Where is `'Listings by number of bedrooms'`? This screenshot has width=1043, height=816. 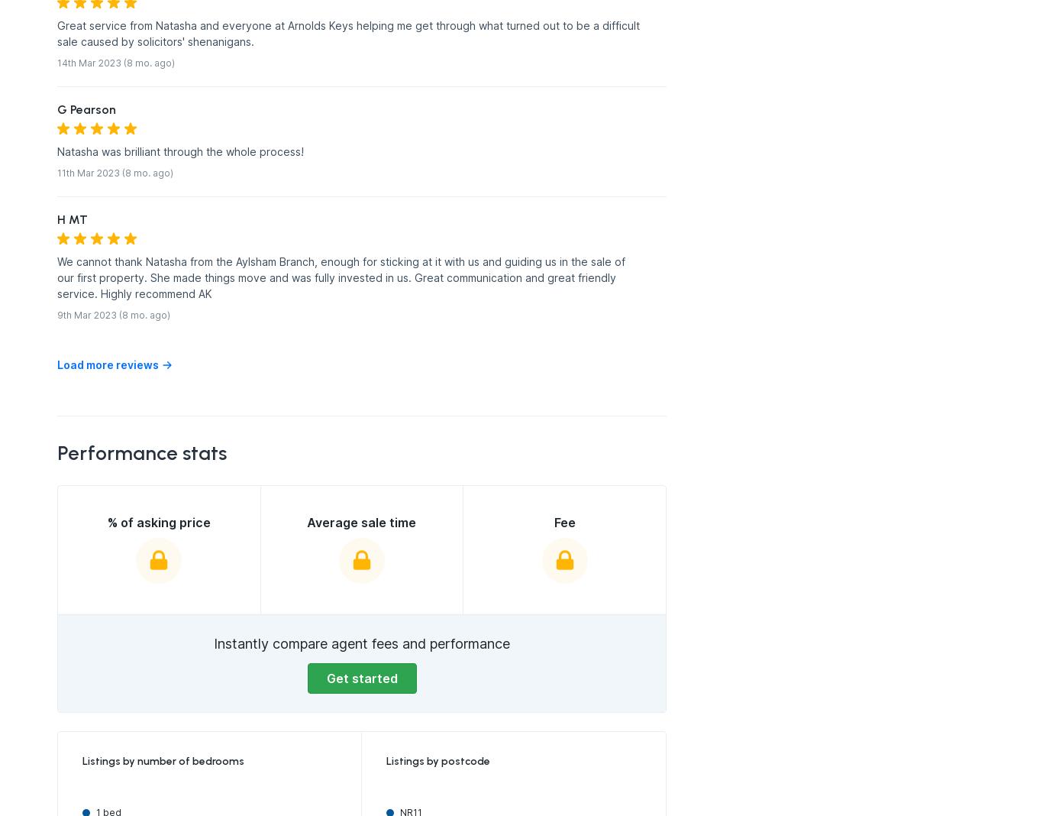 'Listings by number of bedrooms' is located at coordinates (163, 760).